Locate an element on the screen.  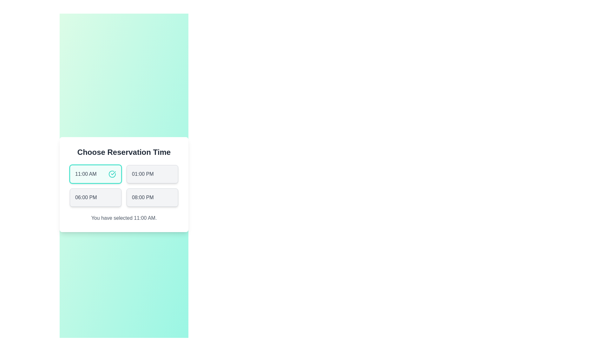
the highlighted cell in the grid layout is located at coordinates (124, 185).